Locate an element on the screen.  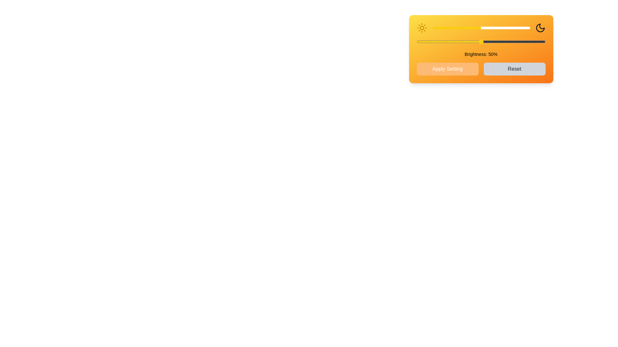
the brightness slider to set the brightness level to 37 is located at coordinates (468, 28).